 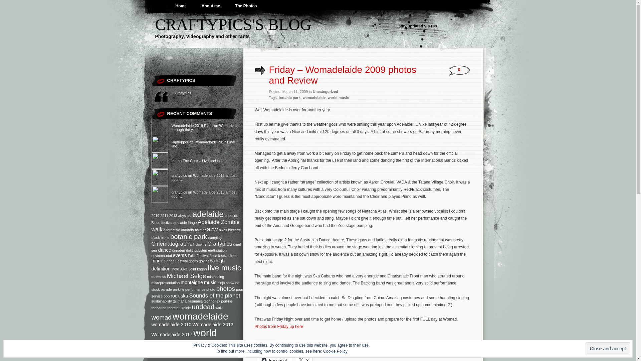 What do you see at coordinates (232, 6) in the screenshot?
I see `'The Photos'` at bounding box center [232, 6].